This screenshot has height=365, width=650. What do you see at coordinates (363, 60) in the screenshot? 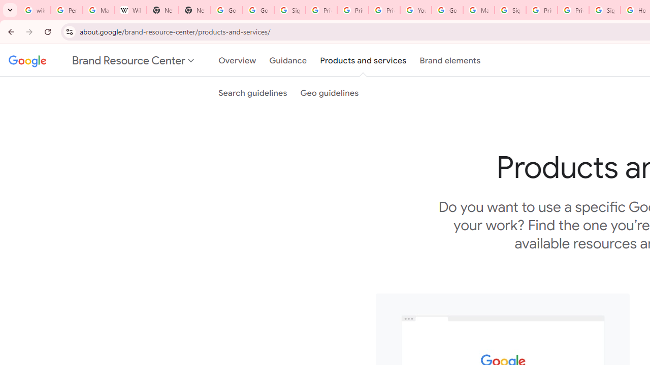
I see `'Products and services'` at bounding box center [363, 60].